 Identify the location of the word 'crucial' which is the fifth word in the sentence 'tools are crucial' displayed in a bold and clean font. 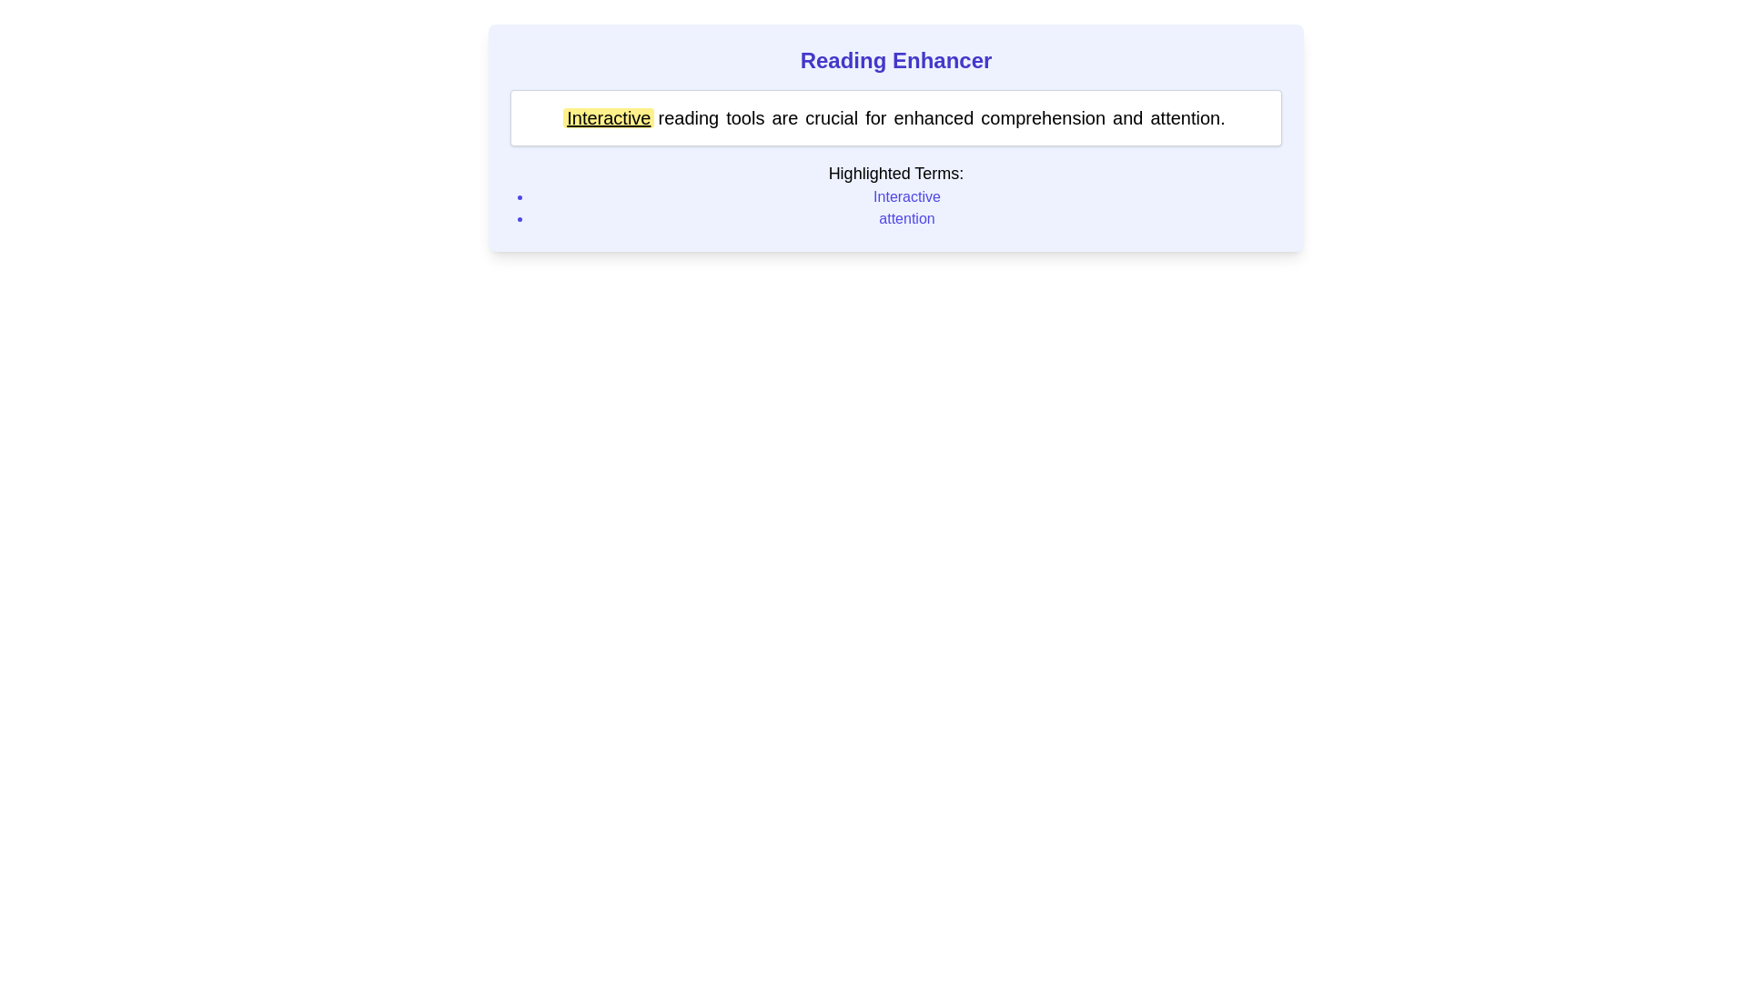
(831, 118).